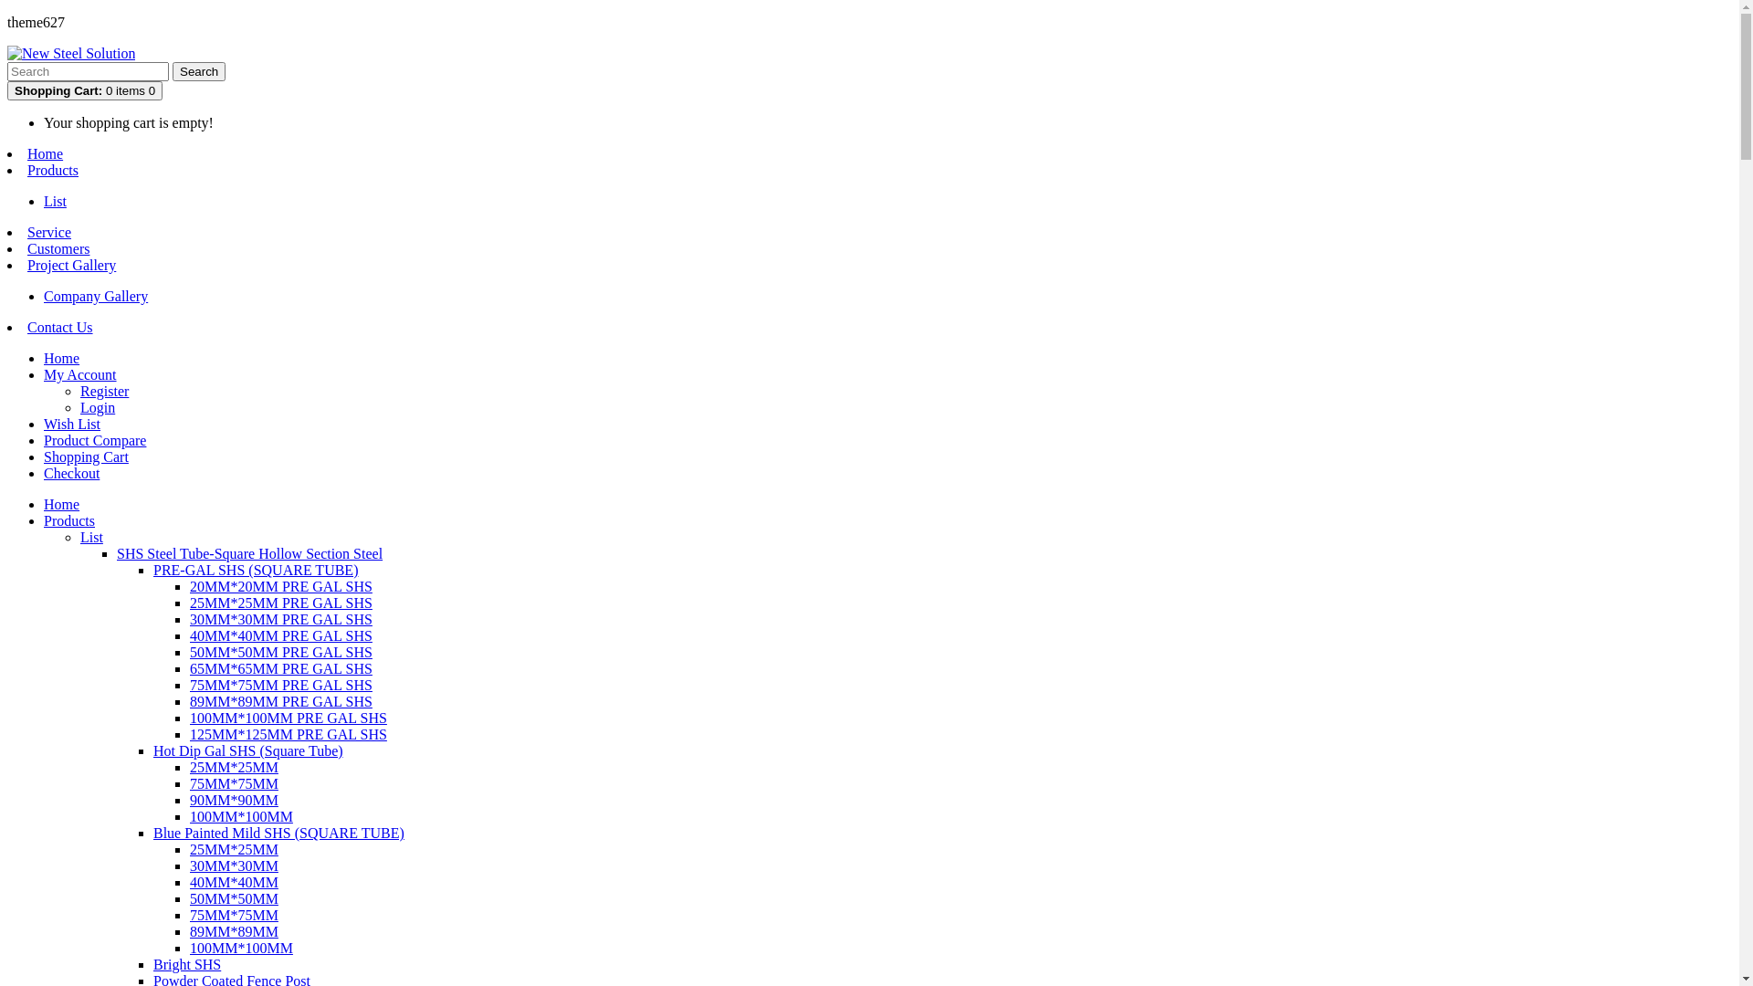 Image resolution: width=1753 pixels, height=986 pixels. I want to click on 'Products', so click(52, 170).